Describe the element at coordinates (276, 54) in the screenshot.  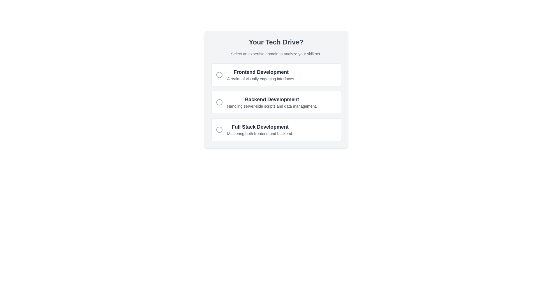
I see `the text block that displays 'Select an expertise domain to analyze your skill-set.' which is located below the heading 'Your Tech Drive?'` at that location.